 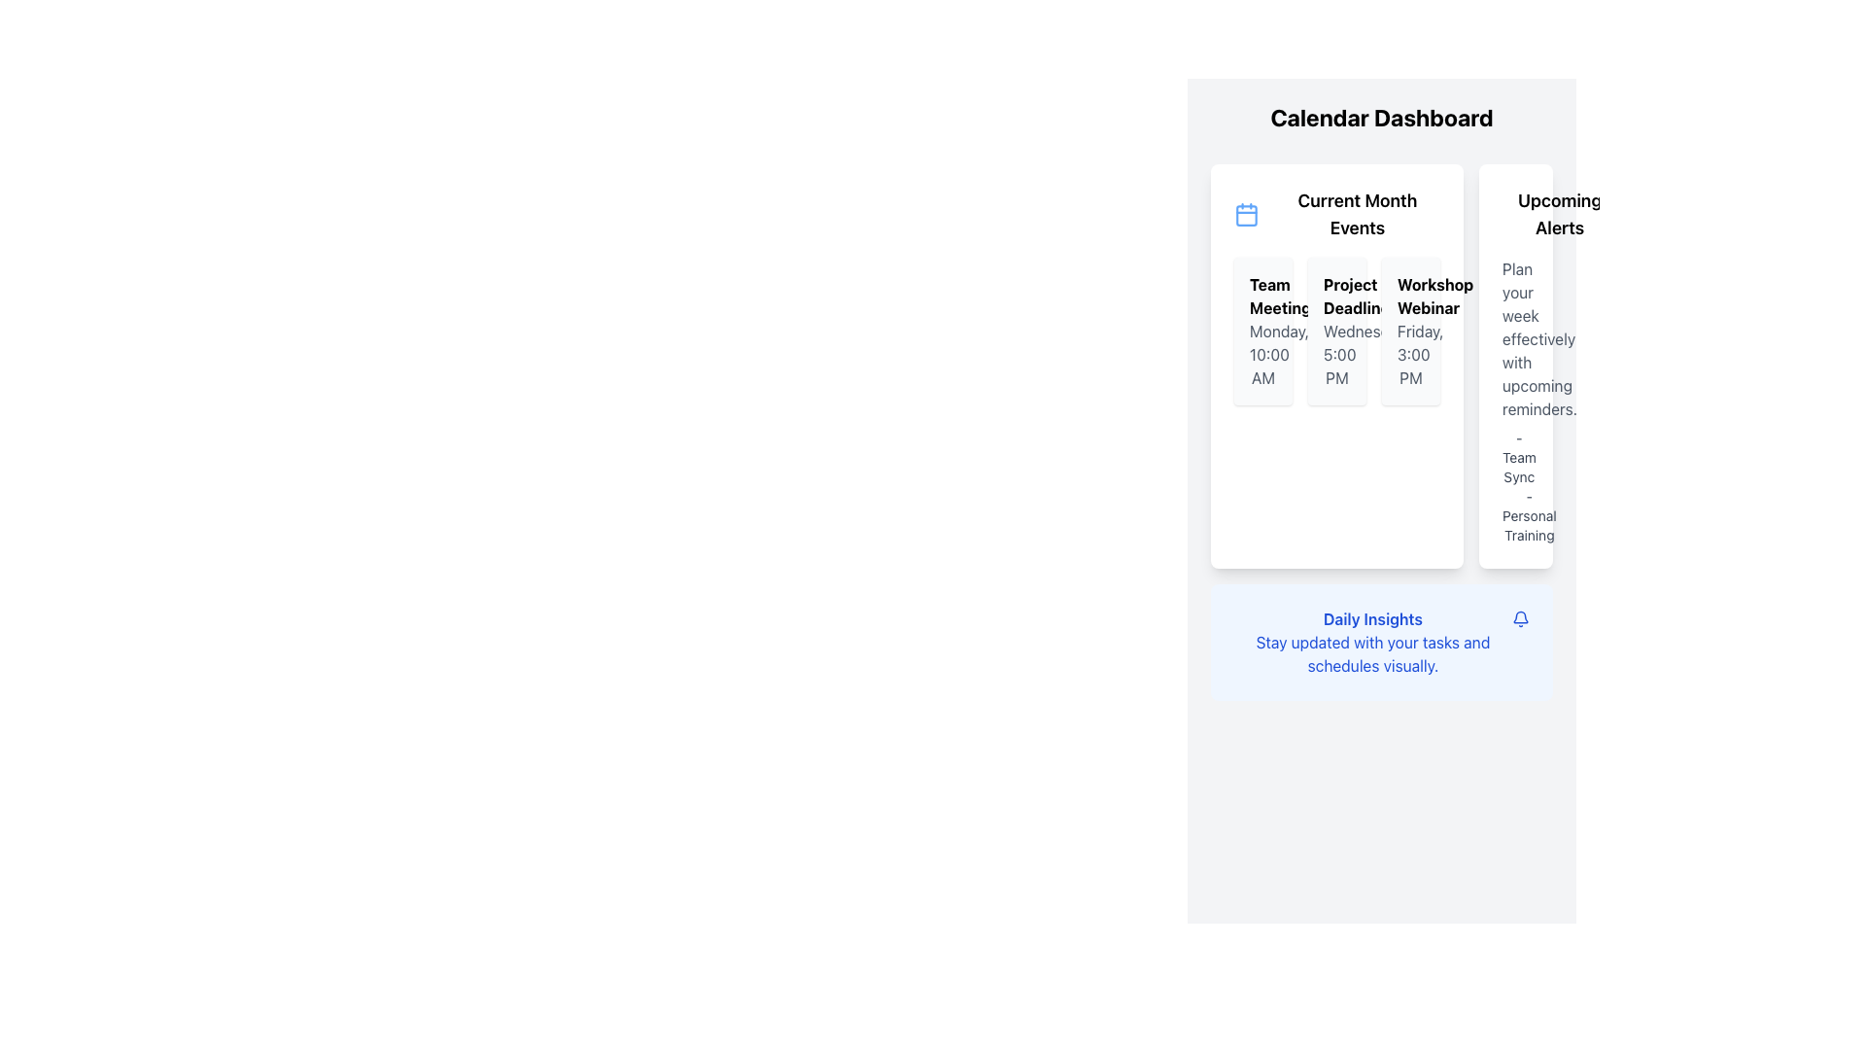 What do you see at coordinates (1515, 486) in the screenshot?
I see `text content of the Text Label located in the 'Upcoming Alerts' section, positioned below the reminder text 'Plan your week effectively with upcoming reminders.'` at bounding box center [1515, 486].